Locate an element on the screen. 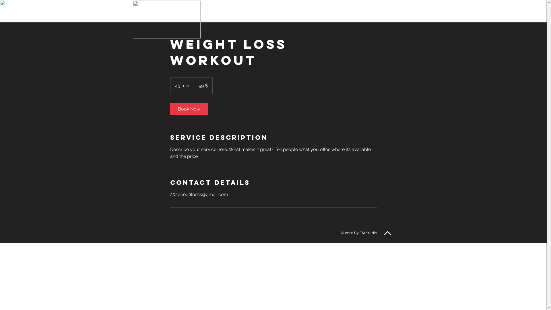 Image resolution: width=551 pixels, height=310 pixels. 'Book Now' is located at coordinates (189, 109).